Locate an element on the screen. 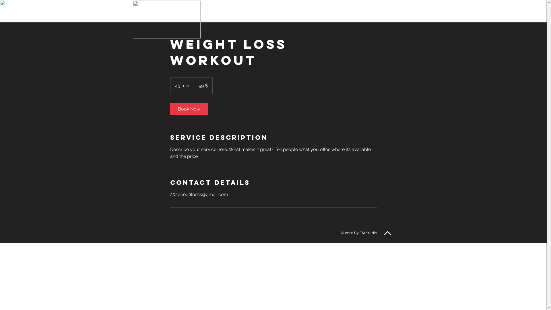 Image resolution: width=551 pixels, height=310 pixels. 'Book Now' is located at coordinates (189, 109).